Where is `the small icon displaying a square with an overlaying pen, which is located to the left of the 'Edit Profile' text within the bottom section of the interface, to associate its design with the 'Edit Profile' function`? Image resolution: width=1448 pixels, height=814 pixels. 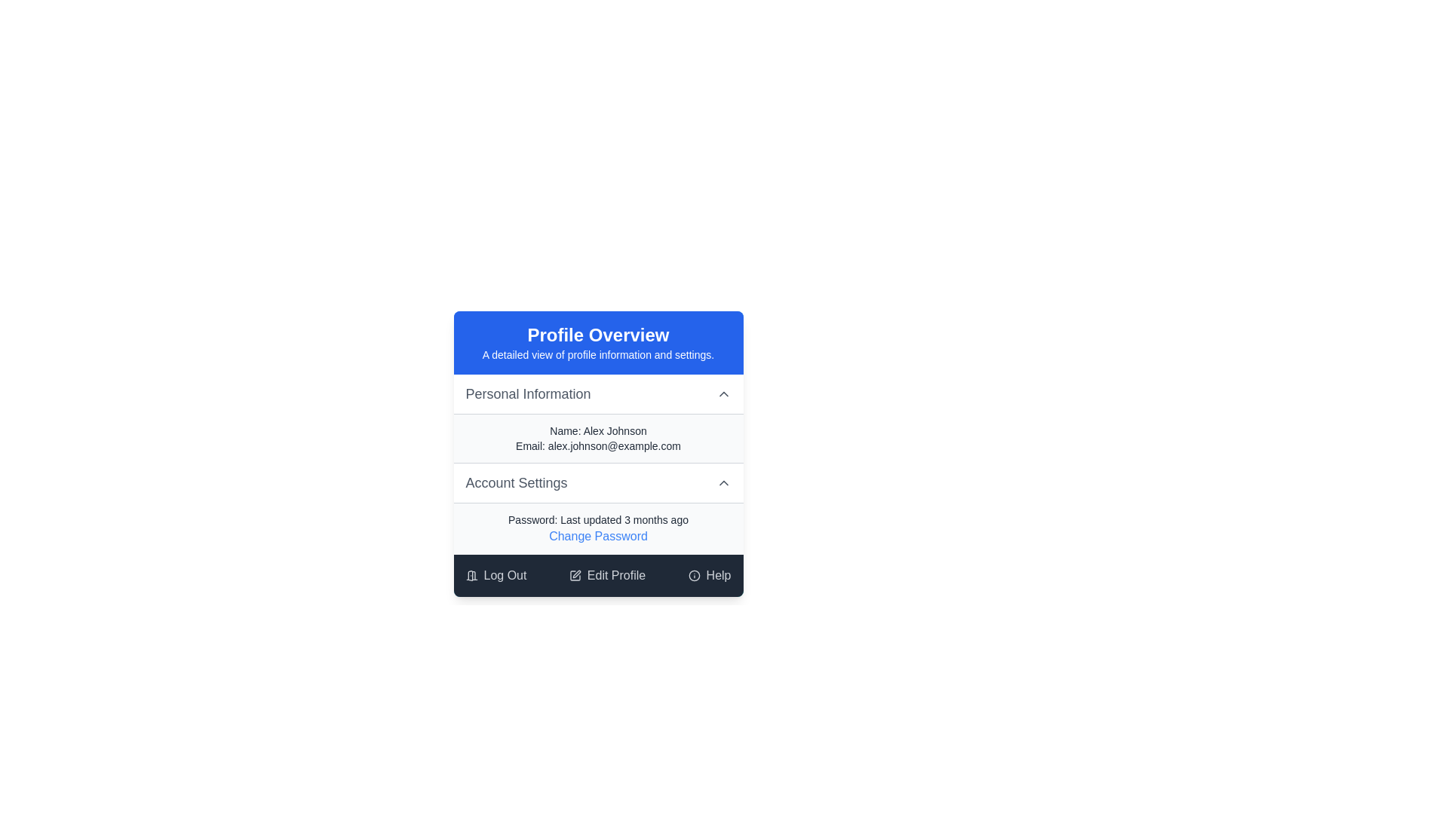
the small icon displaying a square with an overlaying pen, which is located to the left of the 'Edit Profile' text within the bottom section of the interface, to associate its design with the 'Edit Profile' function is located at coordinates (574, 575).